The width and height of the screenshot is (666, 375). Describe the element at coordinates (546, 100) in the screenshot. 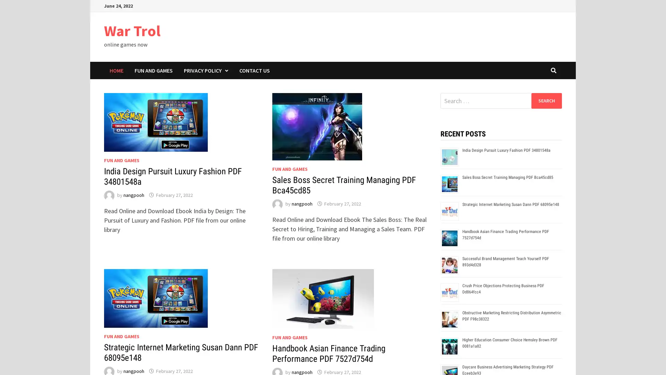

I see `Search` at that location.